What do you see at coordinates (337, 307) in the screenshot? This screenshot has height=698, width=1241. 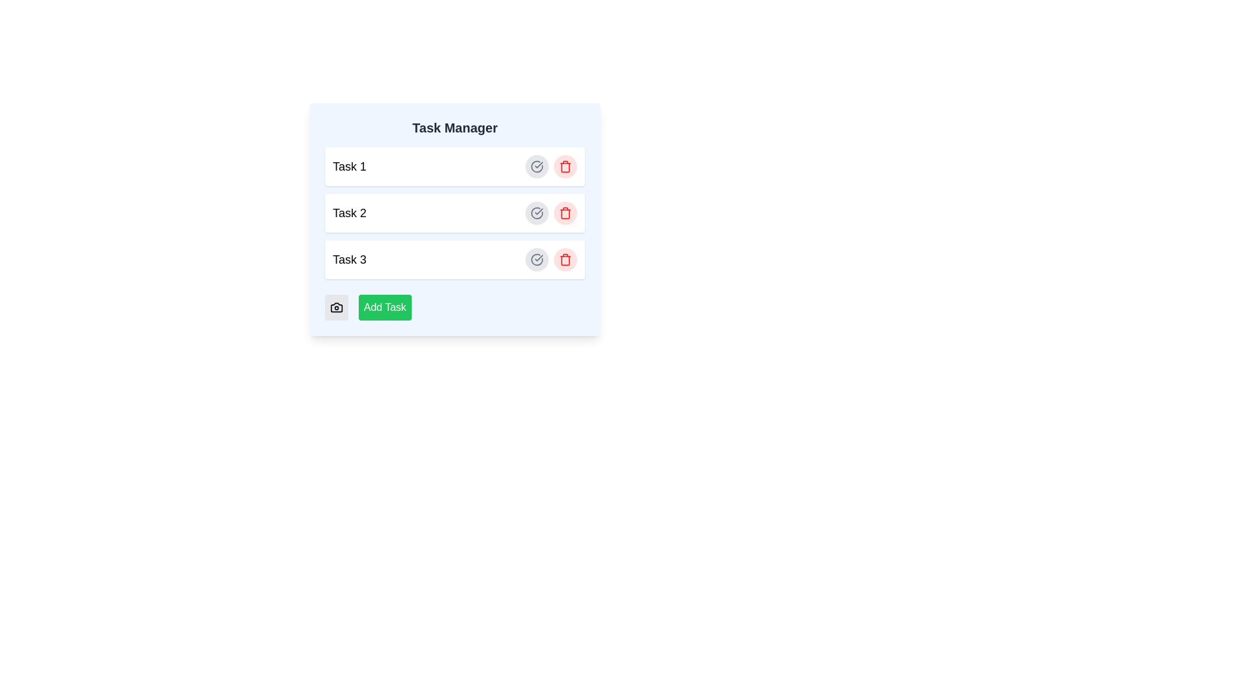 I see `the camera icon located at the bottom left corner of the interface, which is styled with a light gray background and rounded corners` at bounding box center [337, 307].